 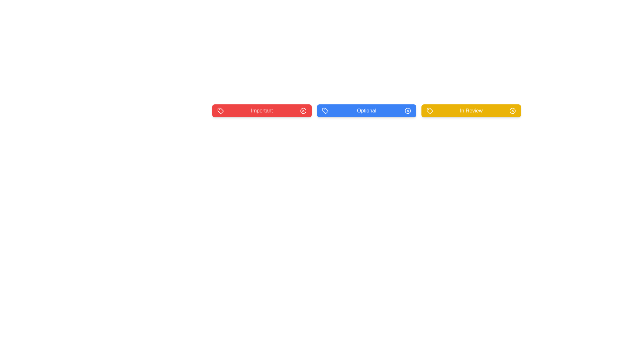 What do you see at coordinates (366, 111) in the screenshot?
I see `the tag labeled 'Optional' to observe its hover effect` at bounding box center [366, 111].